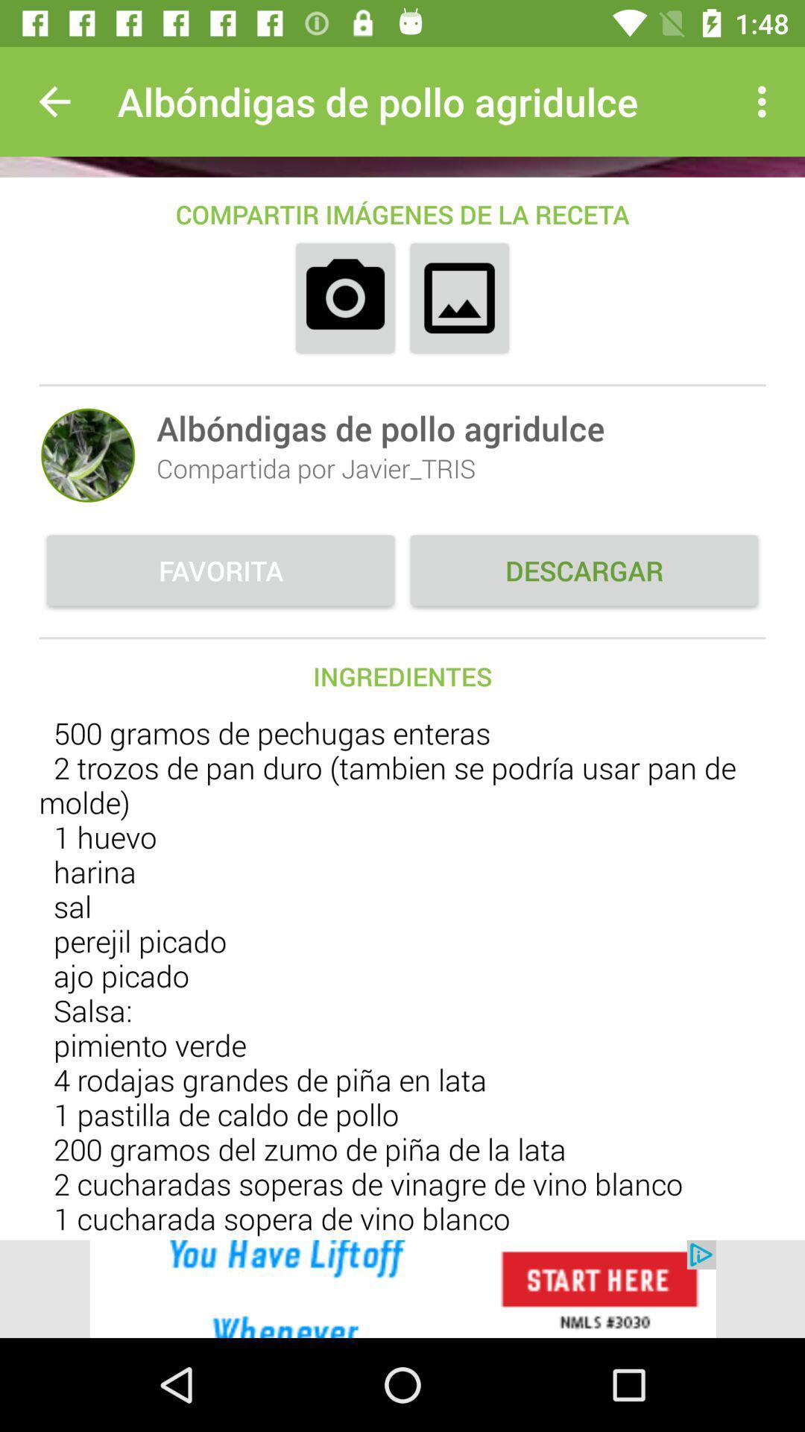 Image resolution: width=805 pixels, height=1432 pixels. What do you see at coordinates (345, 298) in the screenshot?
I see `the photo icon` at bounding box center [345, 298].